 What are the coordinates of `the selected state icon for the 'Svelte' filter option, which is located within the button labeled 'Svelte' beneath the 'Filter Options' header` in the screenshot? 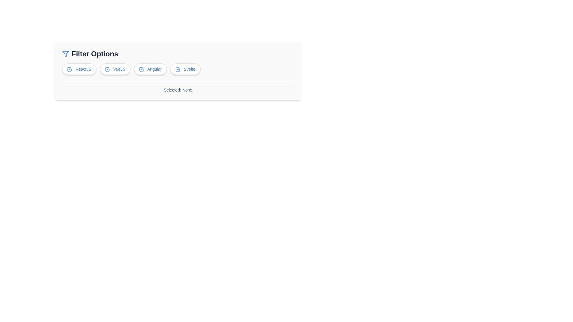 It's located at (177, 69).